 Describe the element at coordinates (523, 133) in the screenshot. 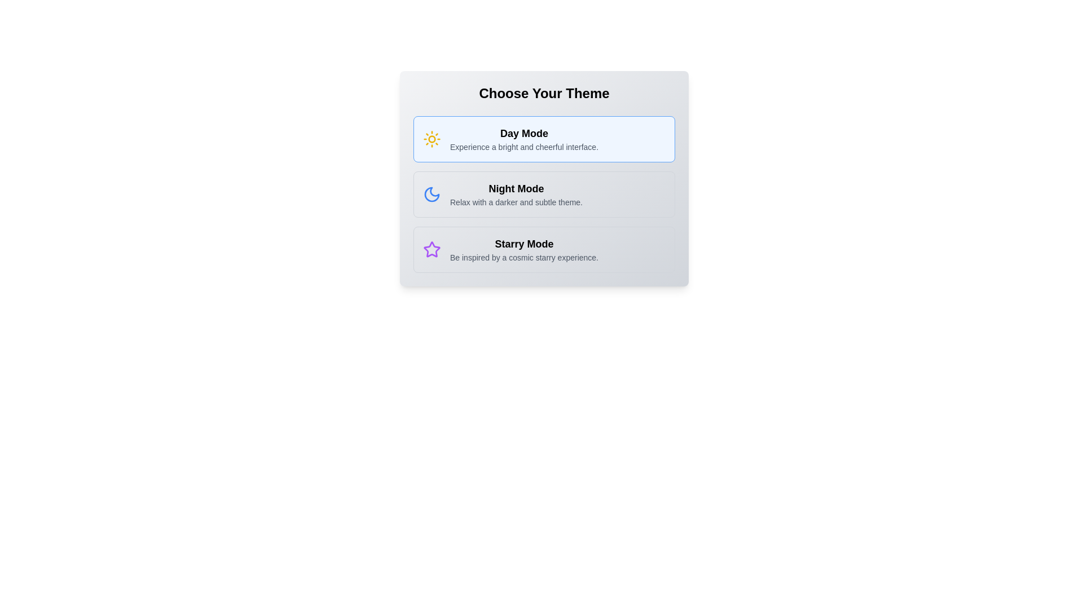

I see `the 'Day Mode' text label in the theme selection menu, which is located in the first row under the 'Choose Your Theme' section, right of a sun icon` at that location.